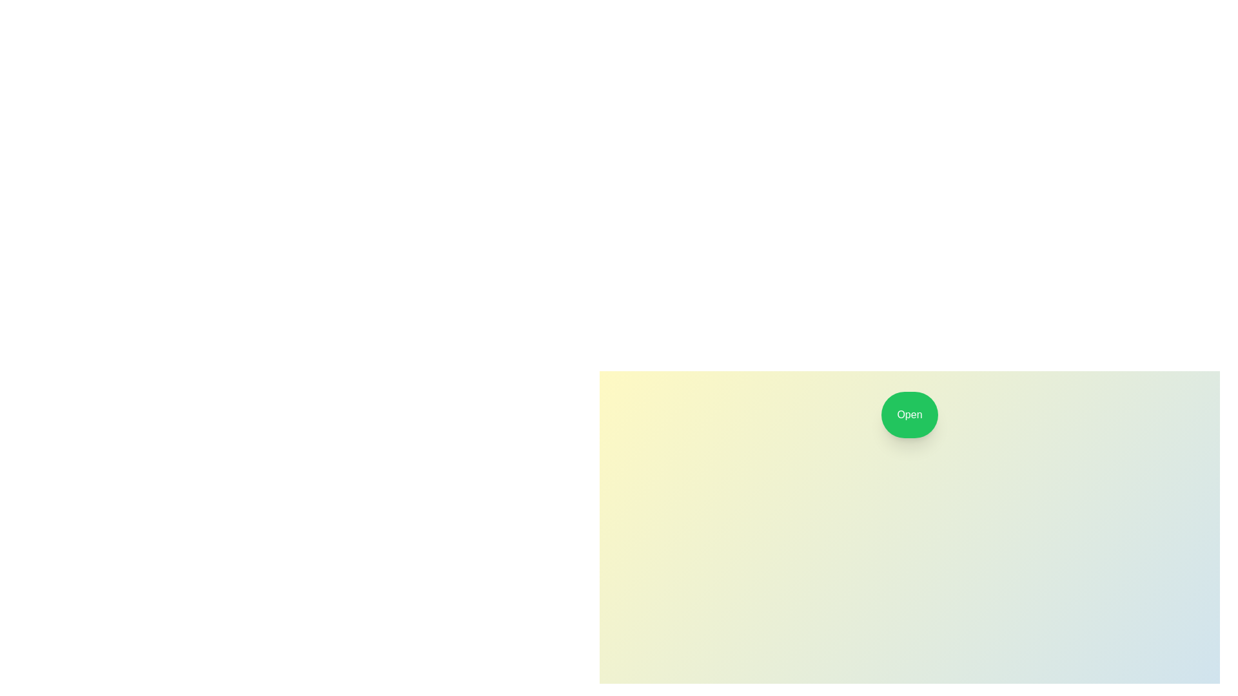  I want to click on the 'Open' button to toggle the menu visibility, so click(909, 415).